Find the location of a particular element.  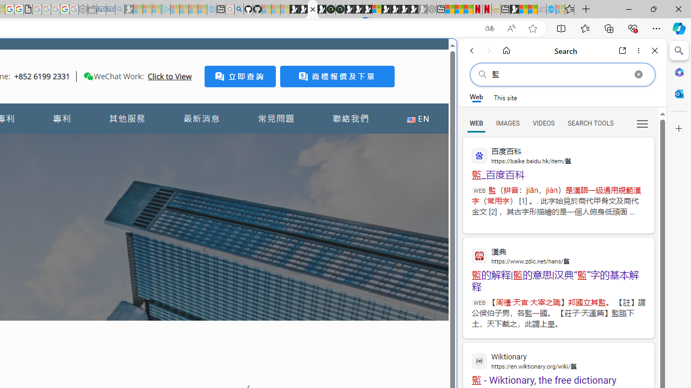

'github - Search' is located at coordinates (238, 9).